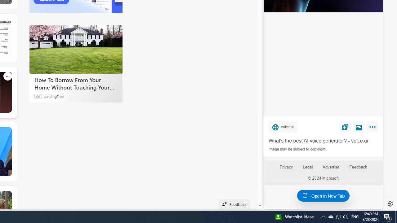 The width and height of the screenshot is (397, 223). Describe the element at coordinates (330, 167) in the screenshot. I see `'Advertise'` at that location.